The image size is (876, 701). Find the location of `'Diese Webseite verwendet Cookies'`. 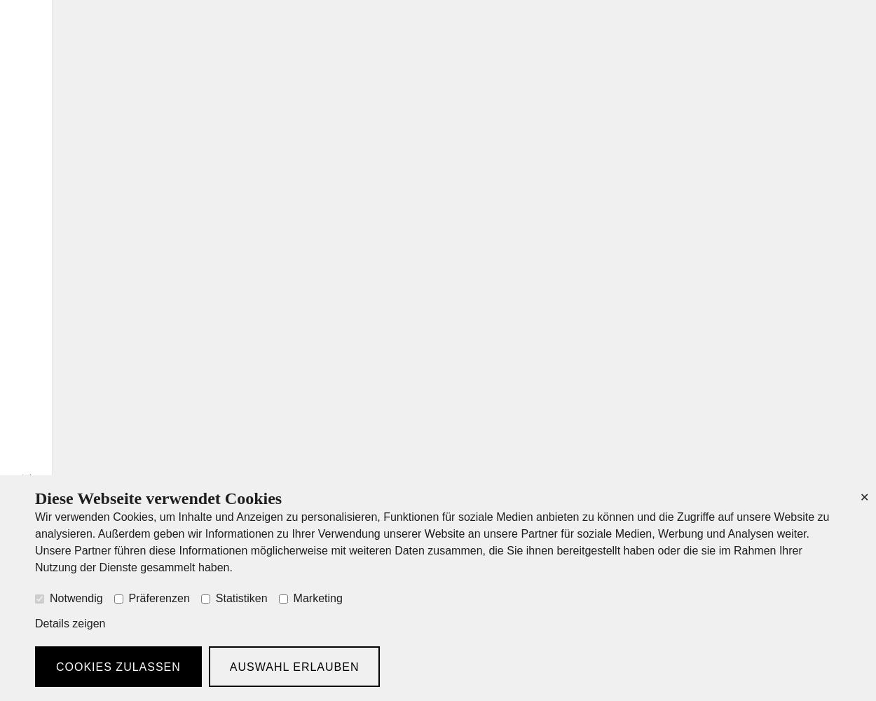

'Diese Webseite verwendet Cookies' is located at coordinates (35, 498).